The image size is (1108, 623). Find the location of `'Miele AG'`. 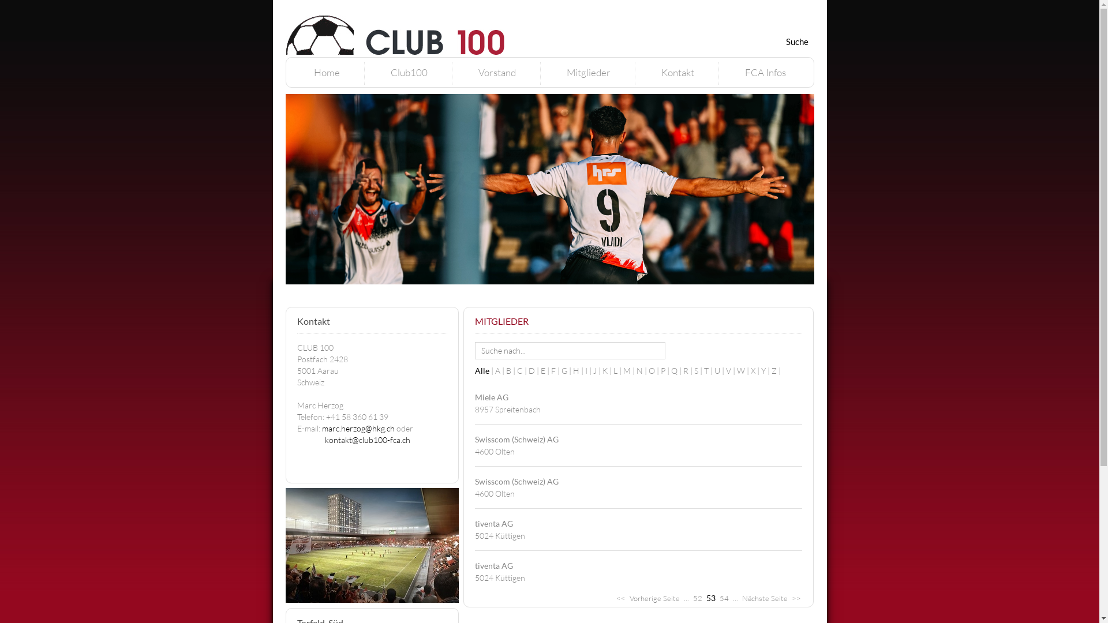

'Miele AG' is located at coordinates (491, 396).